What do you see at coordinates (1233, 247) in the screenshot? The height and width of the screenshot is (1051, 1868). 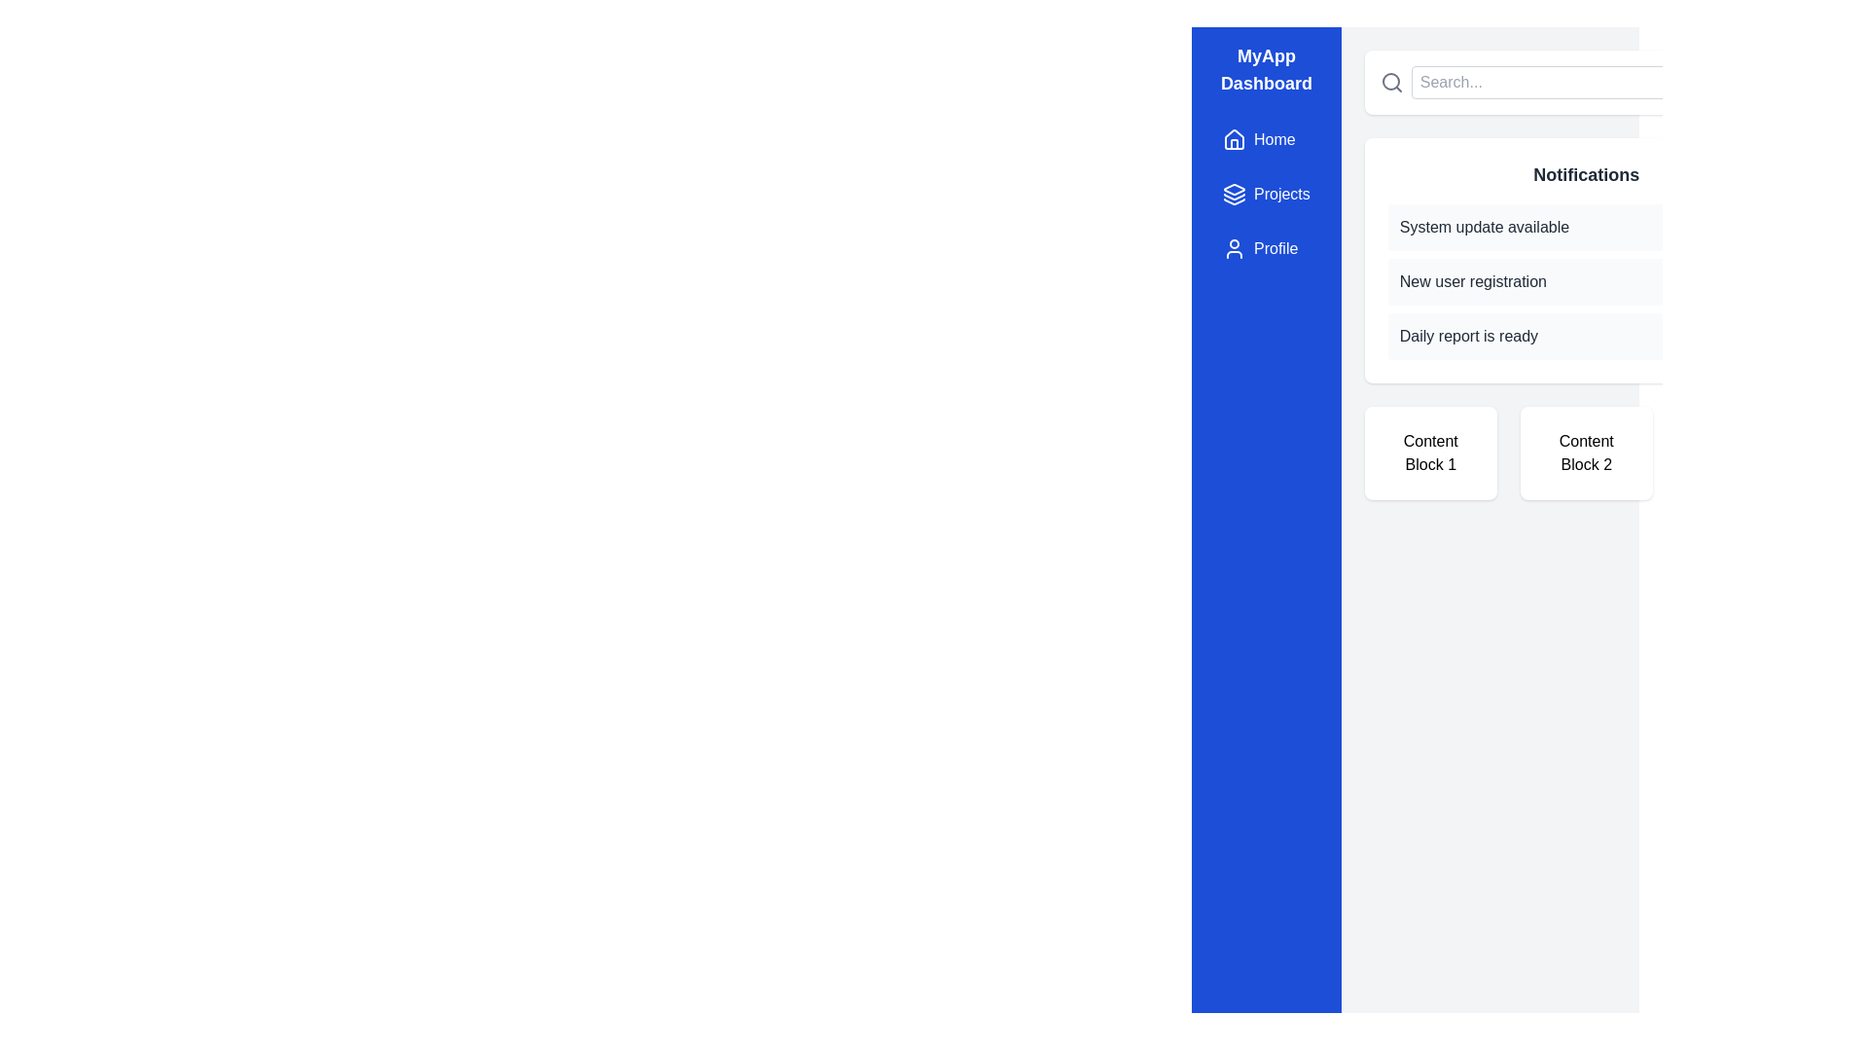 I see `the 'Profile' icon in the sidebar, which visually represents the 'Profile' section and is located next to the 'Profile' label` at bounding box center [1233, 247].